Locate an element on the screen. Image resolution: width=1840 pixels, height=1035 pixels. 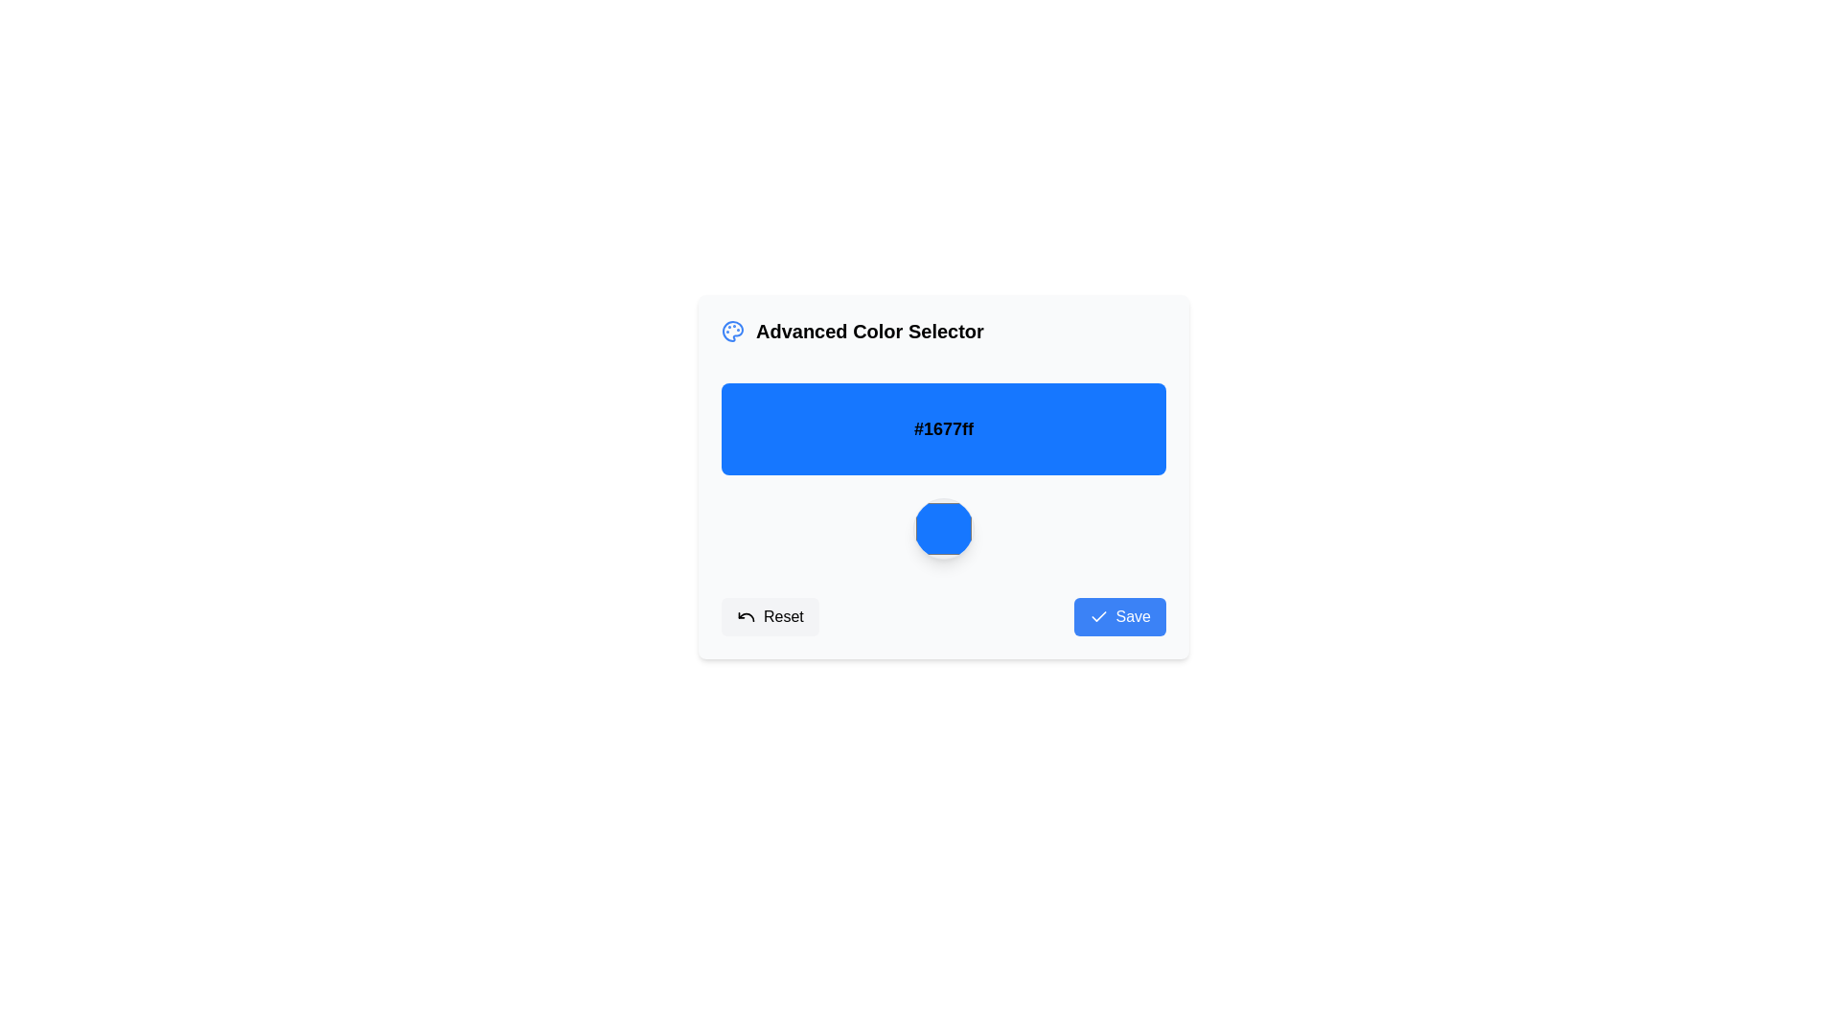
the 'Save' button which contains the checkmark icon styled with a rounded appearance, located at the bottom-right corner of the interface is located at coordinates (1098, 617).